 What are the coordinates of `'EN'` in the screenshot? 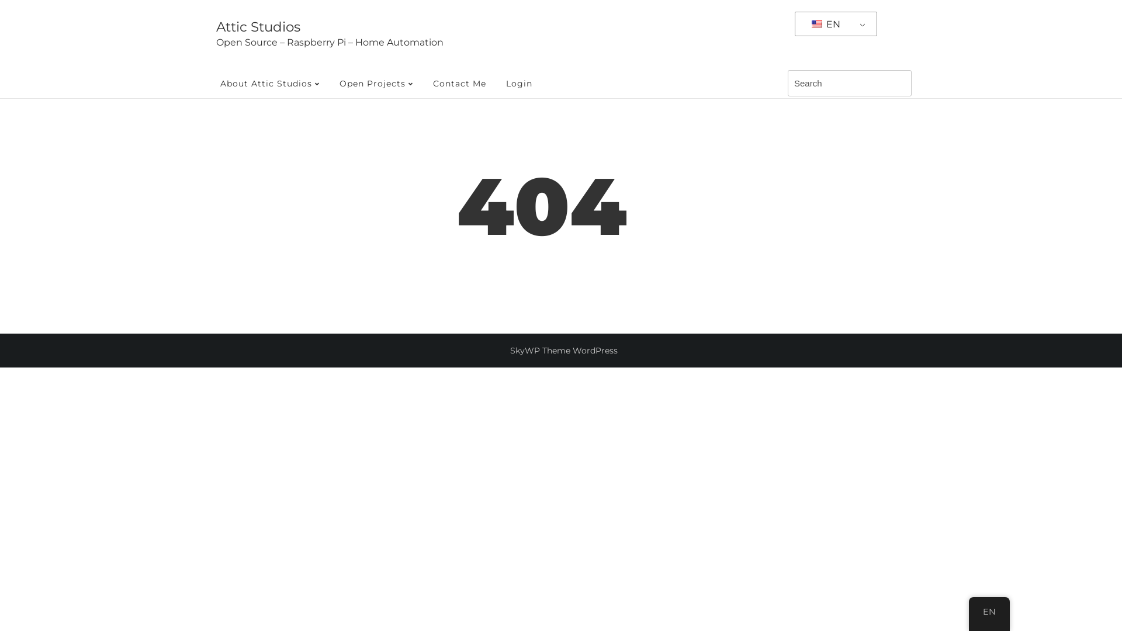 It's located at (833, 24).